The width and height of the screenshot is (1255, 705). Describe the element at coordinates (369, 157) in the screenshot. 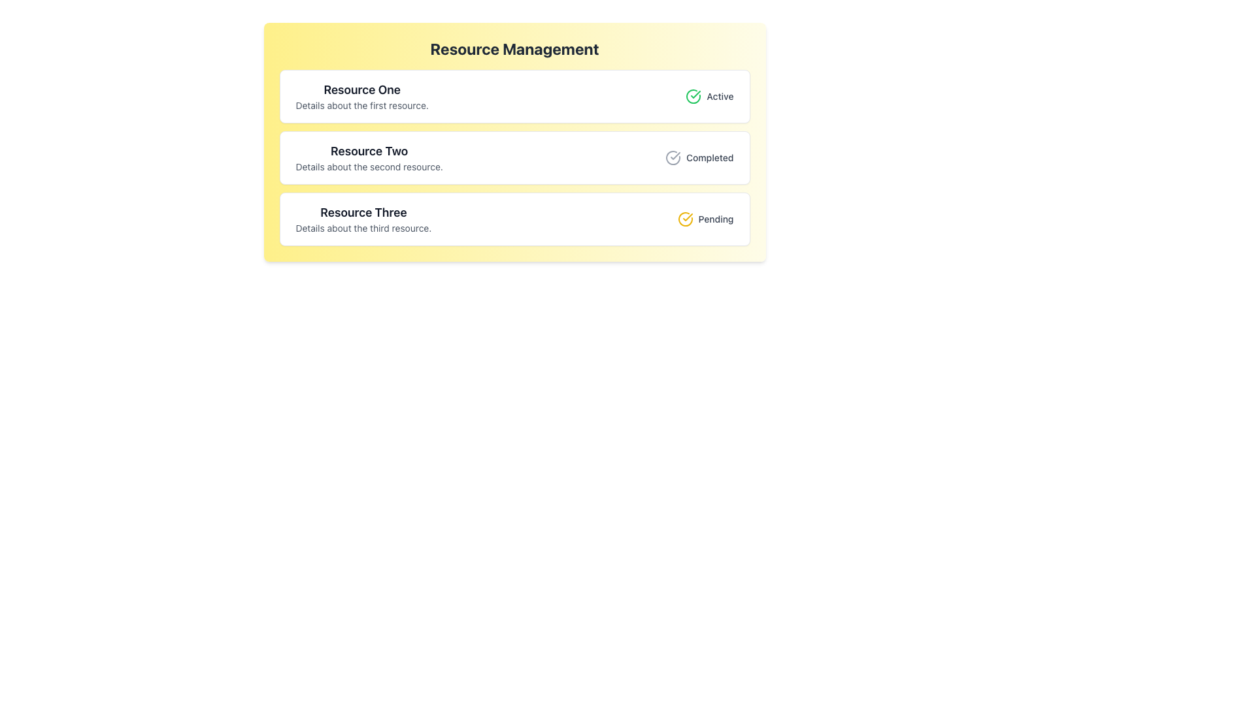

I see `the Text block displaying information about 'Resource Two'` at that location.